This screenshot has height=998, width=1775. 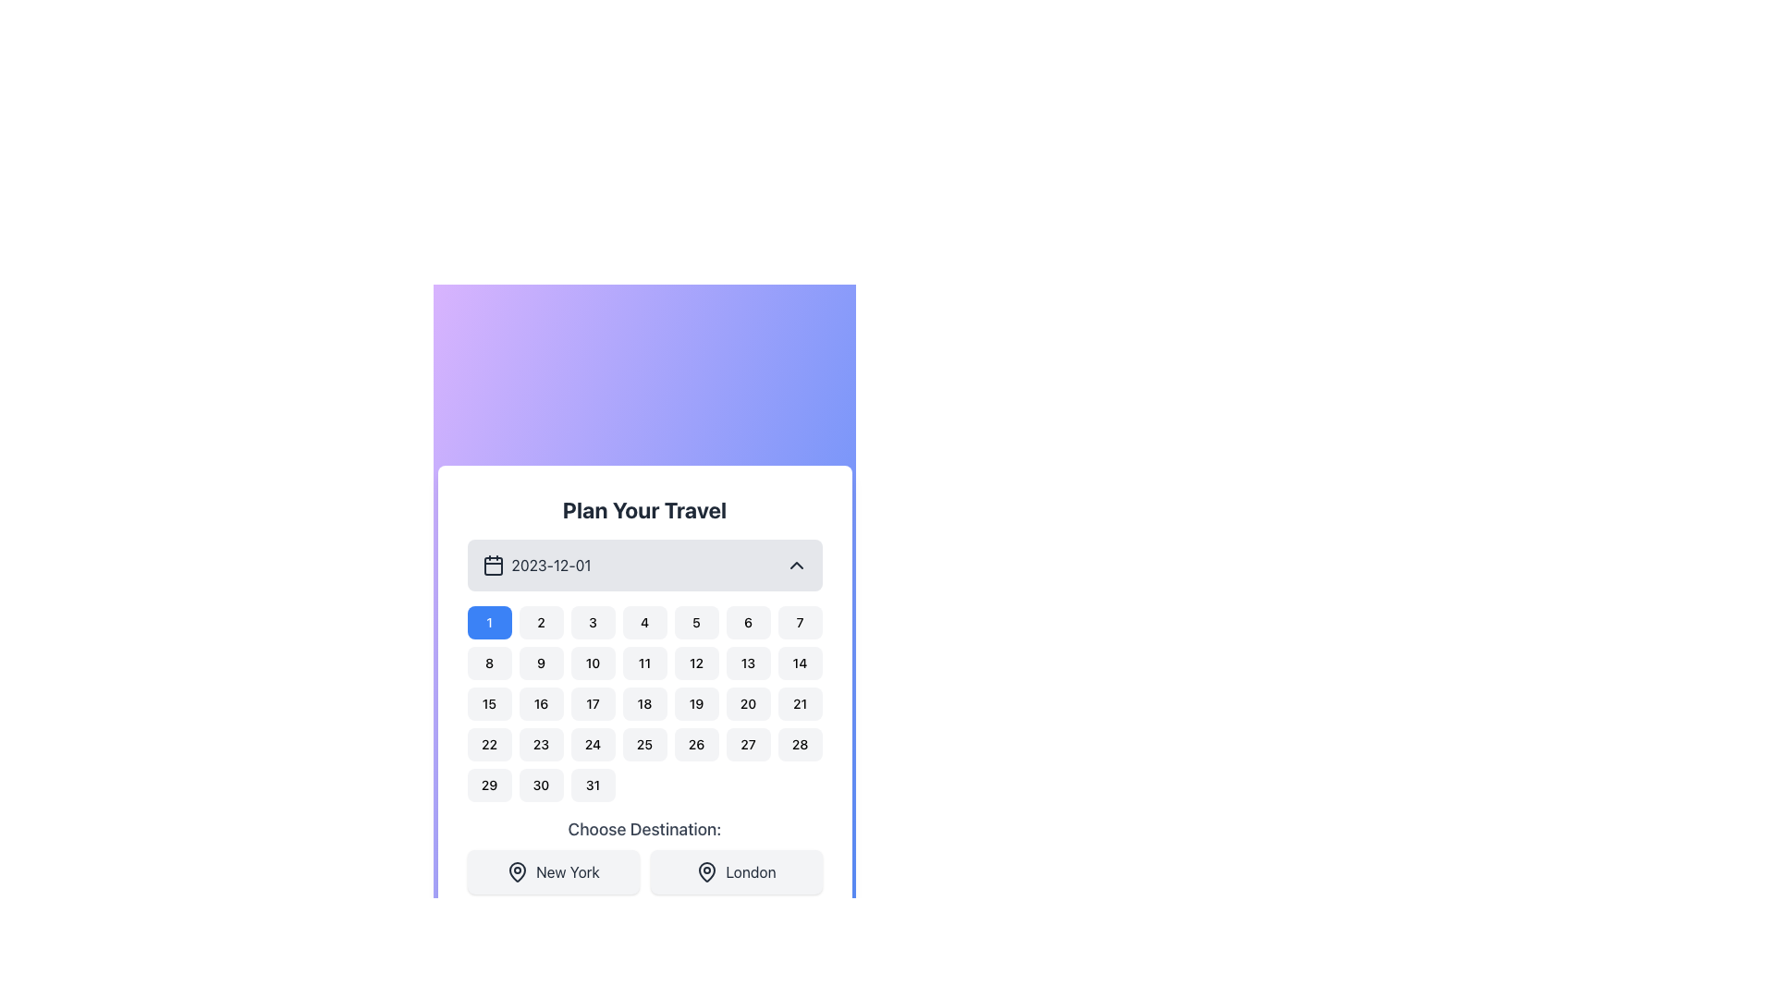 I want to click on the button with the number '21' in the center of a grid item styled like a calendar date, so click(x=800, y=704).